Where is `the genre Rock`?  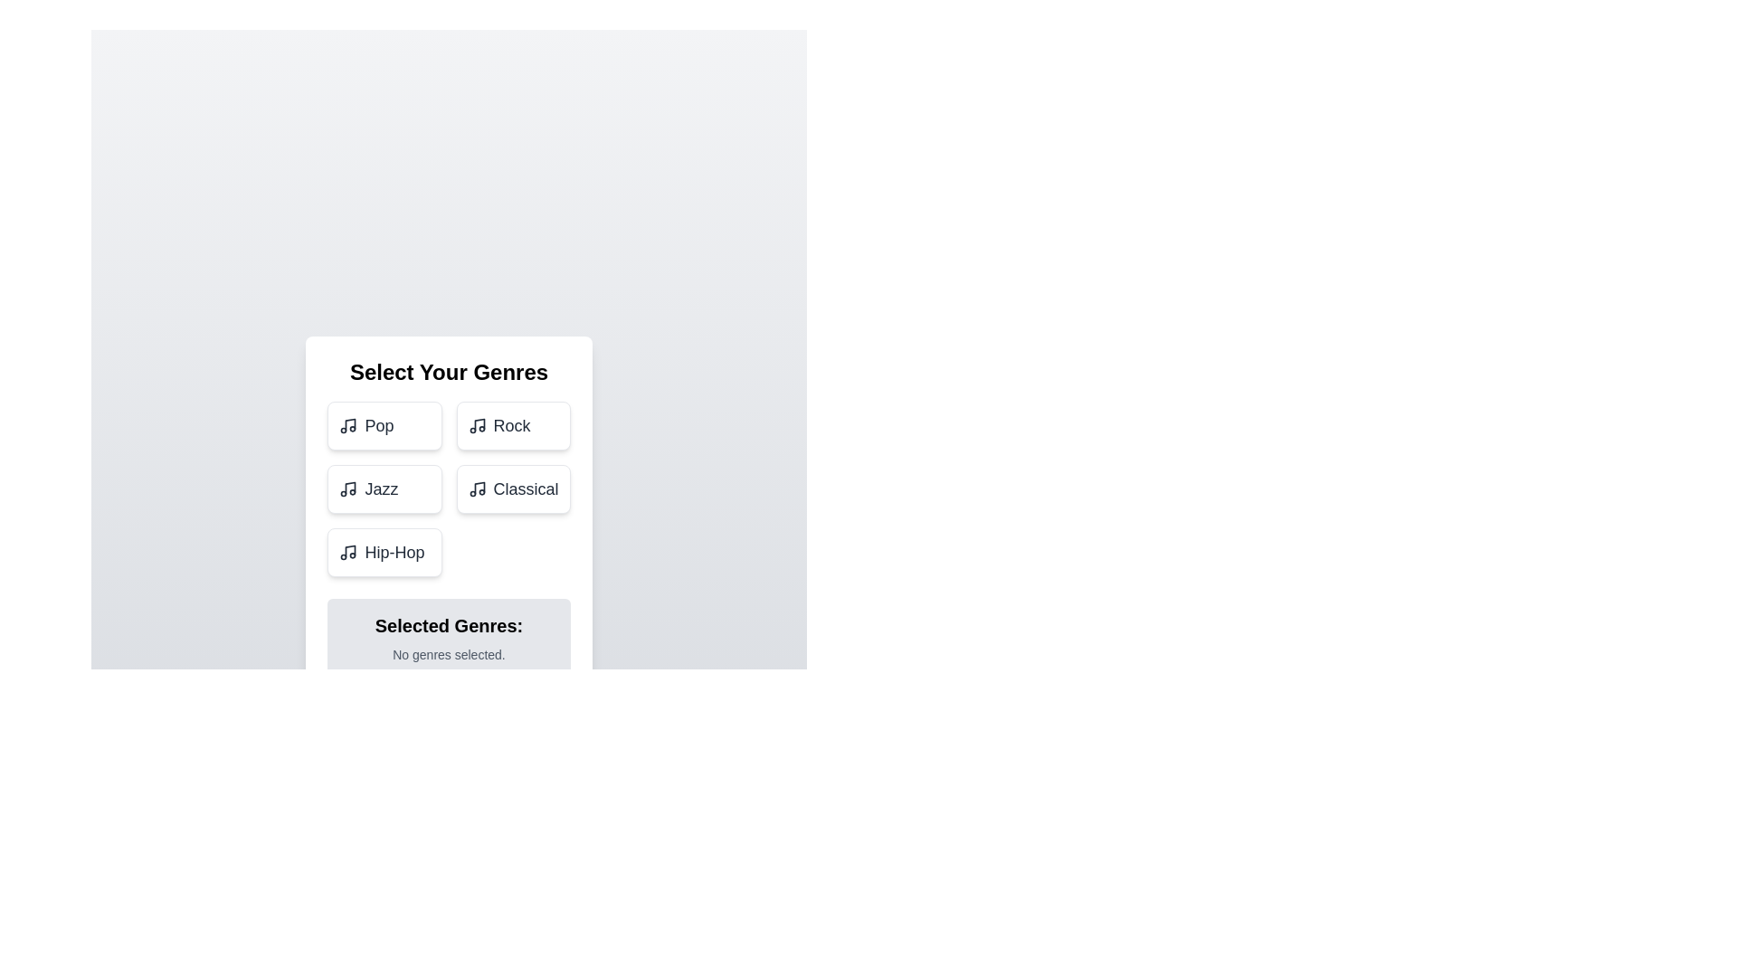
the genre Rock is located at coordinates (511, 425).